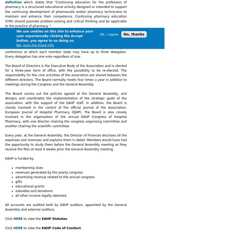  Describe the element at coordinates (41, 218) in the screenshot. I see `'EAHP Statutes'` at that location.